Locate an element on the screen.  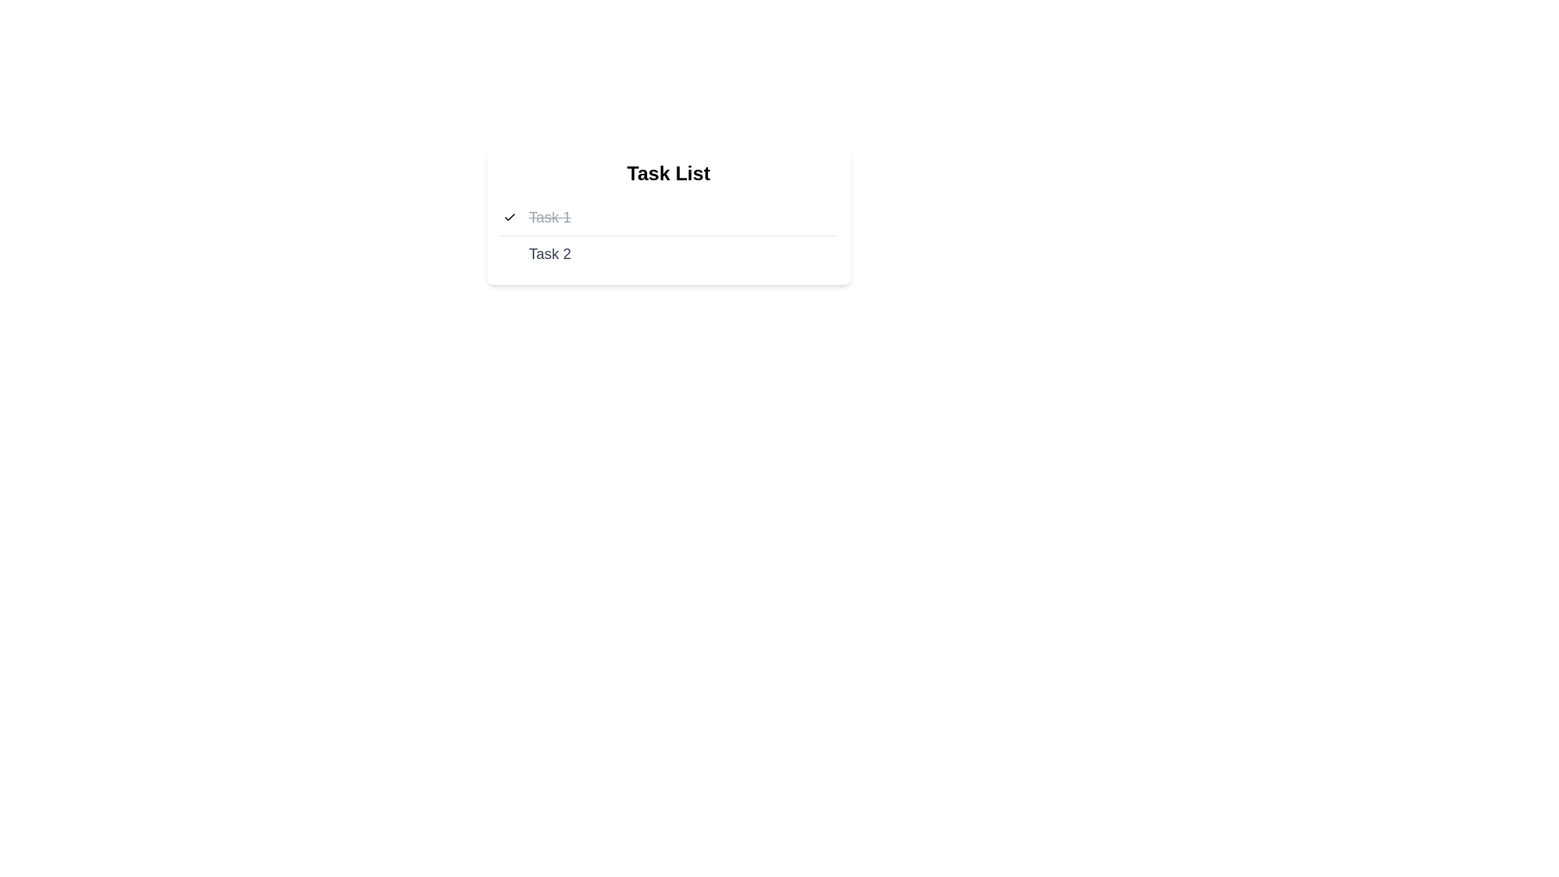
the Status indicator button element, which is a round icon in front of the text 'Task 2' is located at coordinates (508, 253).